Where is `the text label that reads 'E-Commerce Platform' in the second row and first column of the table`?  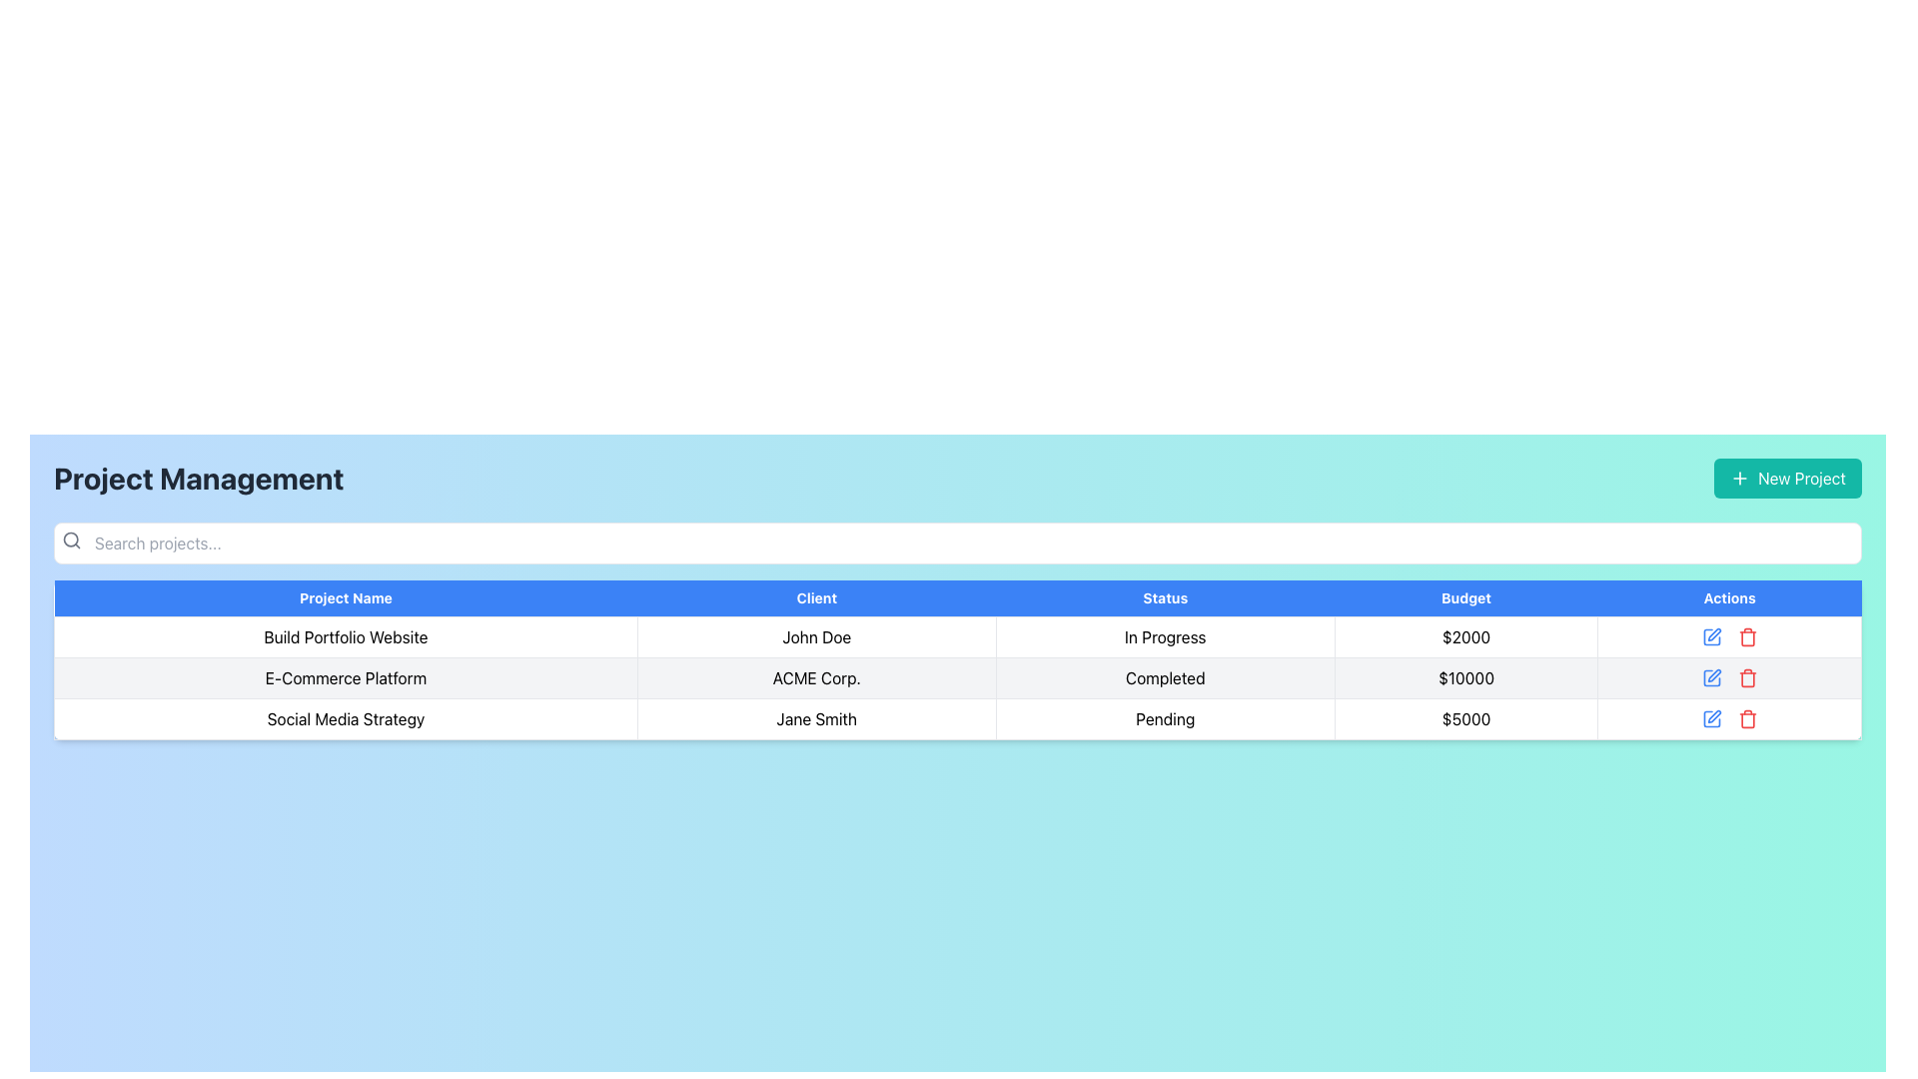
the text label that reads 'E-Commerce Platform' in the second row and first column of the table is located at coordinates (346, 676).